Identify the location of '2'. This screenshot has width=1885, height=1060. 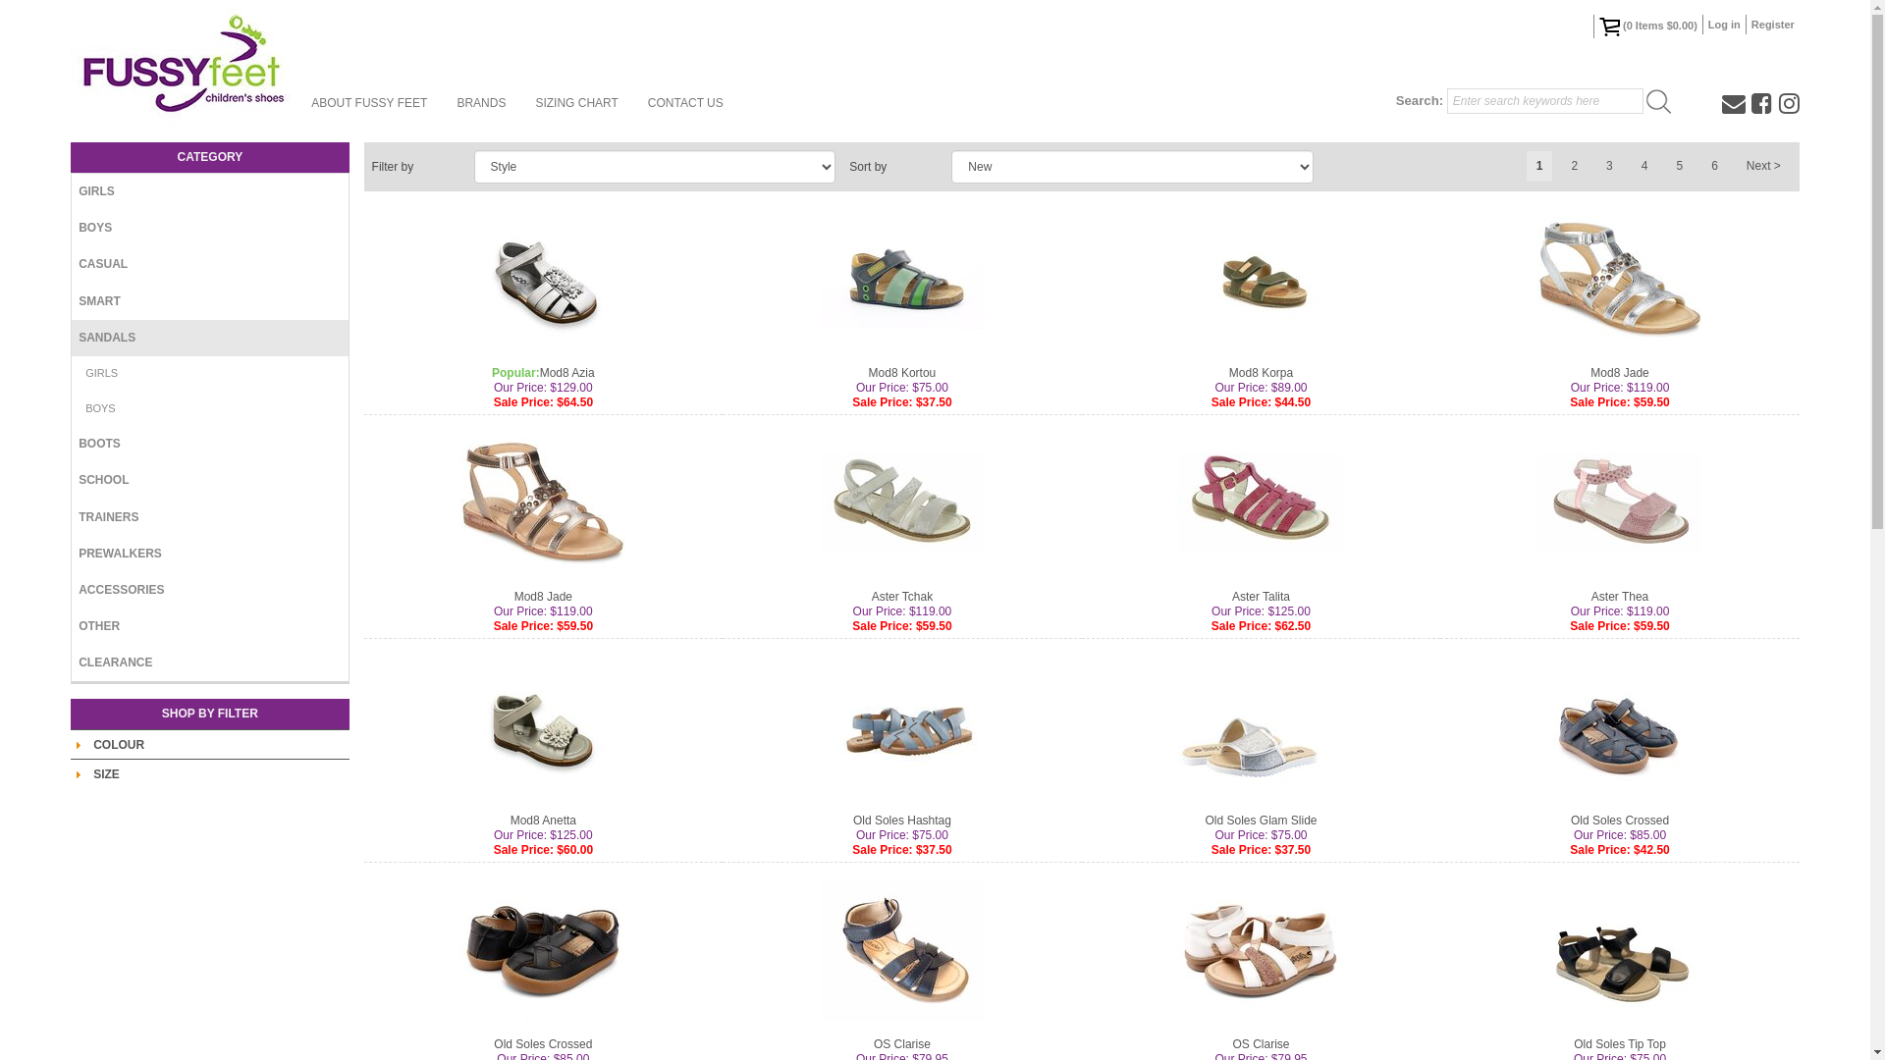
(1574, 165).